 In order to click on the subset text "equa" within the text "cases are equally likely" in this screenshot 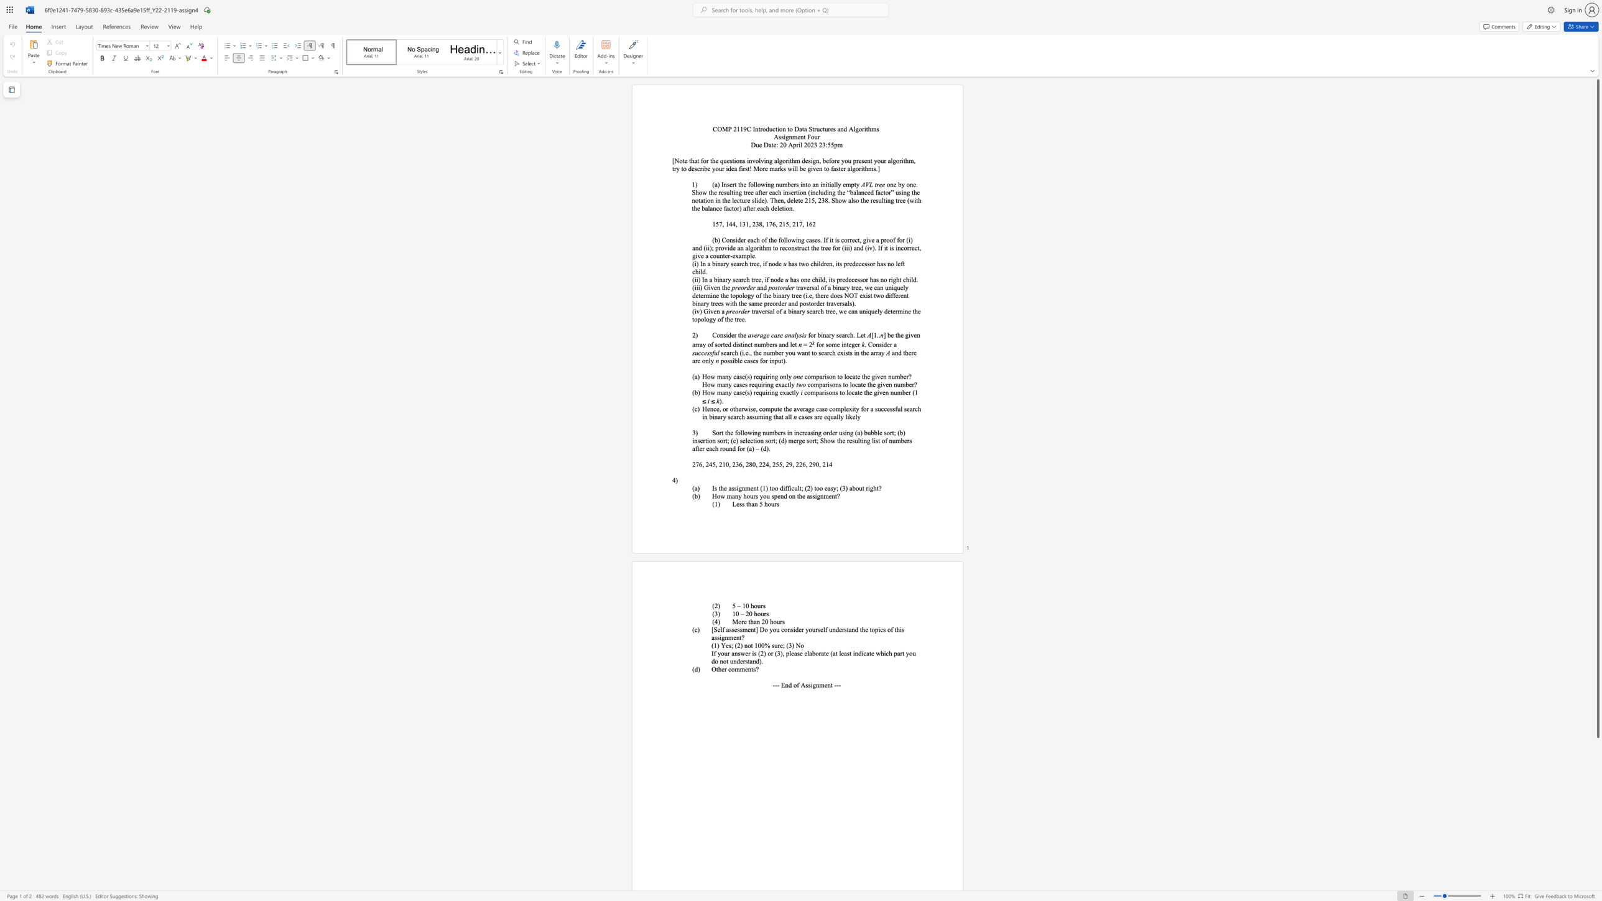, I will do `click(823, 417)`.